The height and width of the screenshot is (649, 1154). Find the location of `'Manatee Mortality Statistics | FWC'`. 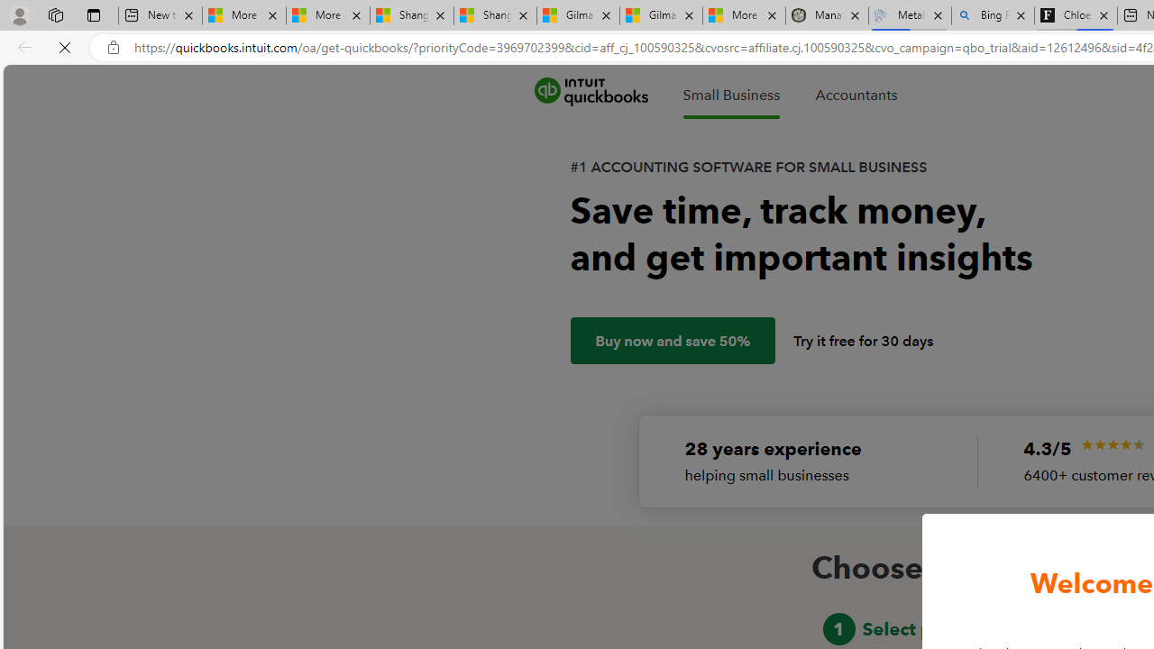

'Manatee Mortality Statistics | FWC' is located at coordinates (826, 15).